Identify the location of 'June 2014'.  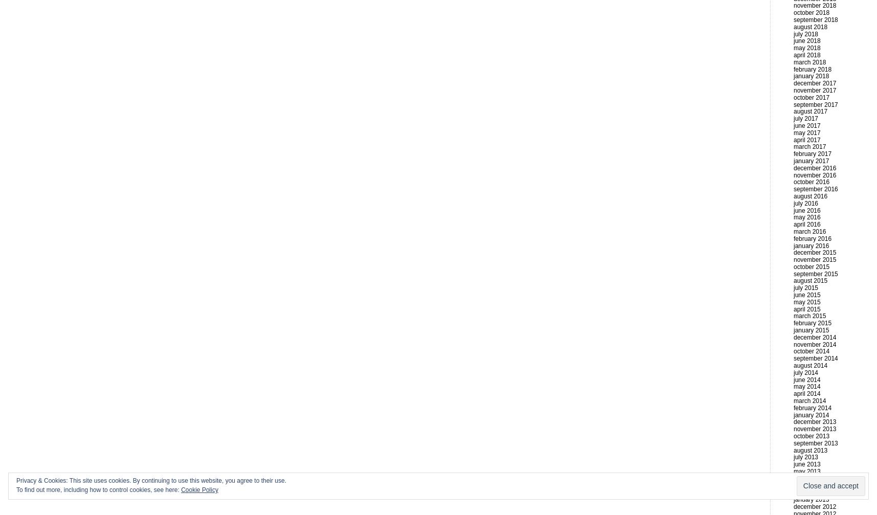
(806, 378).